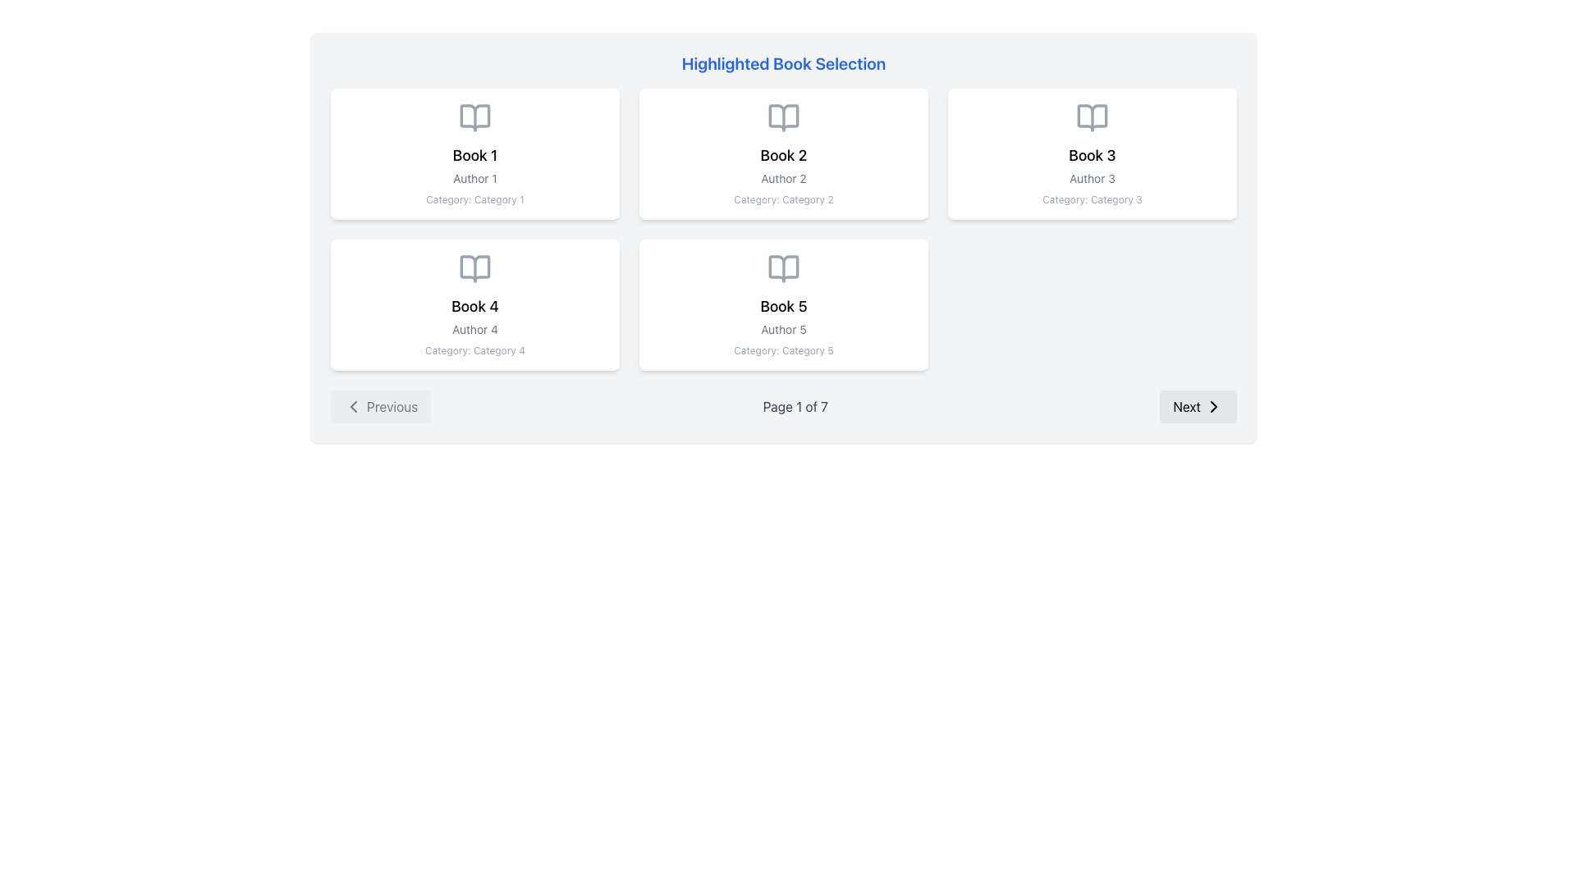  I want to click on the static text label displaying the author of 'Book 2', located directly below the title and above the category description in the top-center card of the grid layout, so click(783, 179).